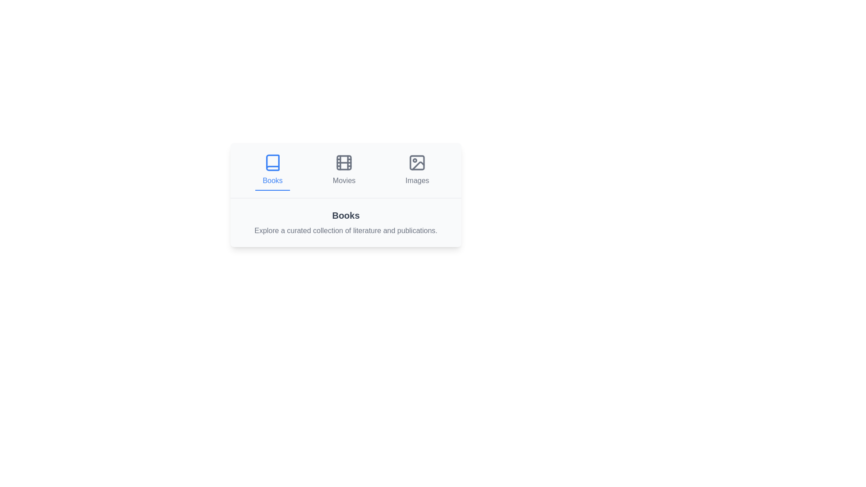  Describe the element at coordinates (344, 170) in the screenshot. I see `the Movies tab by clicking on its button` at that location.